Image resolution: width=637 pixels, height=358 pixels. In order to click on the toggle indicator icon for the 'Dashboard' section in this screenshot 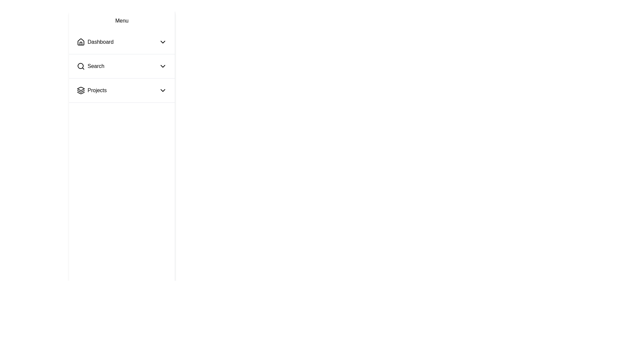, I will do `click(163, 42)`.